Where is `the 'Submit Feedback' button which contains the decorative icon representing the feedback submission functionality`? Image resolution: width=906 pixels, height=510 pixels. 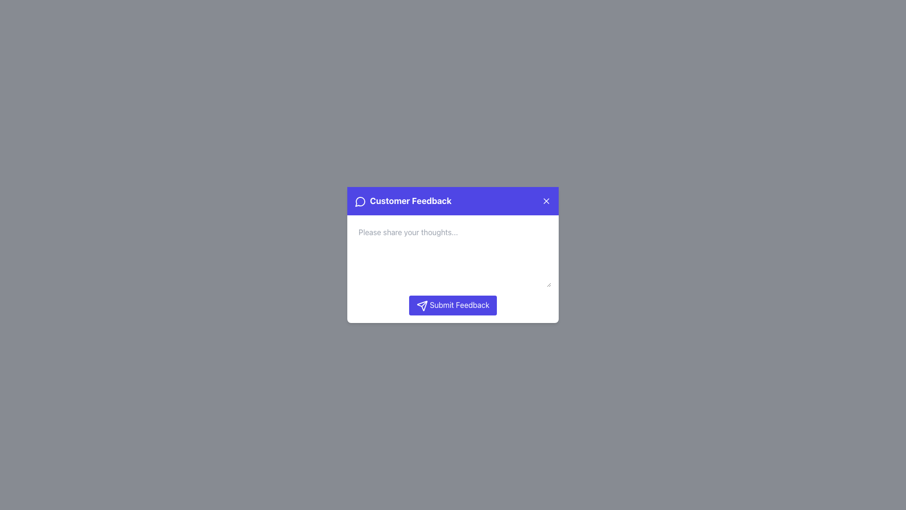
the 'Submit Feedback' button which contains the decorative icon representing the feedback submission functionality is located at coordinates (421, 306).